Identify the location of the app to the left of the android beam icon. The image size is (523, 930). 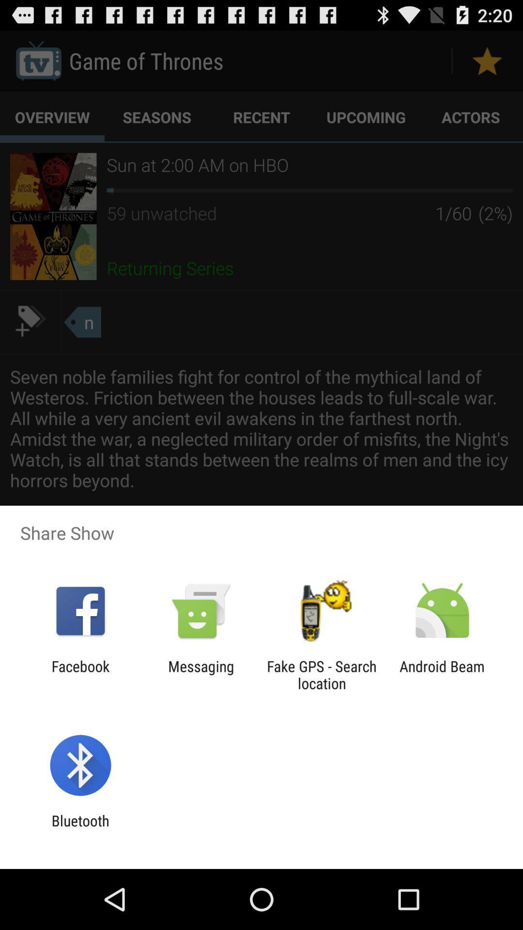
(322, 674).